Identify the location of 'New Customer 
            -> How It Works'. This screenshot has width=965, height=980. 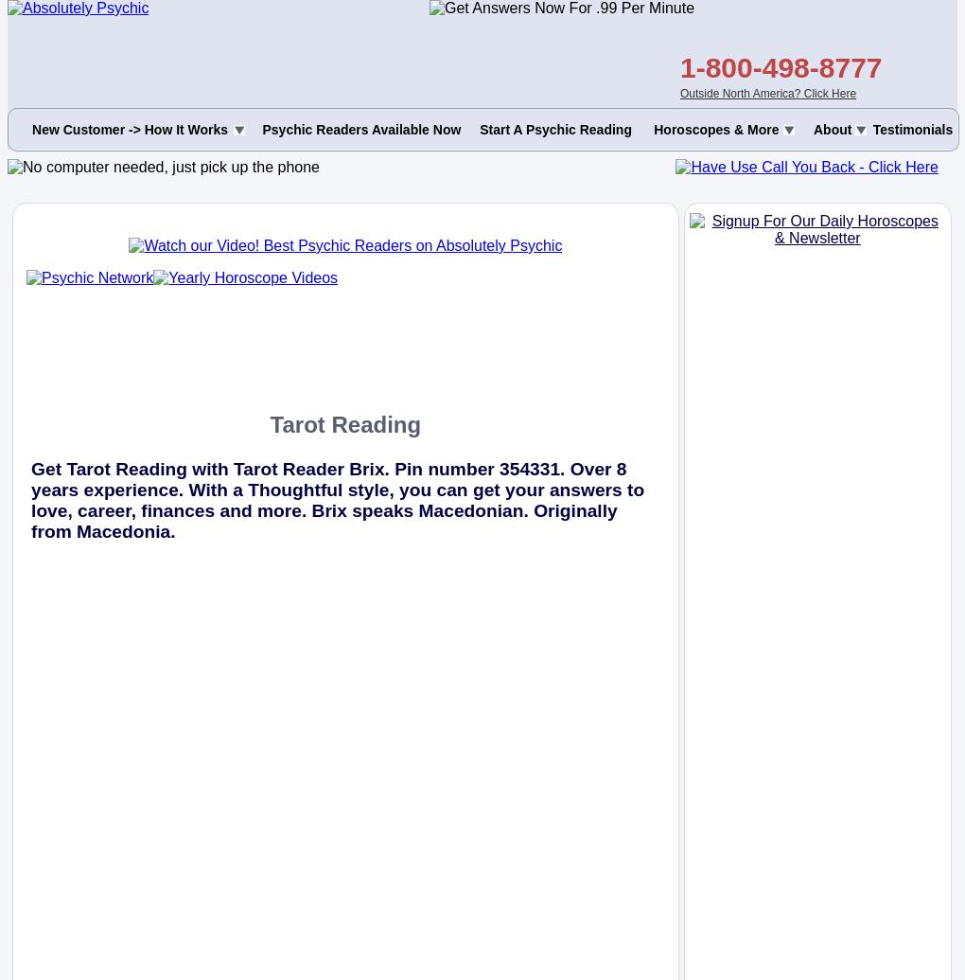
(130, 130).